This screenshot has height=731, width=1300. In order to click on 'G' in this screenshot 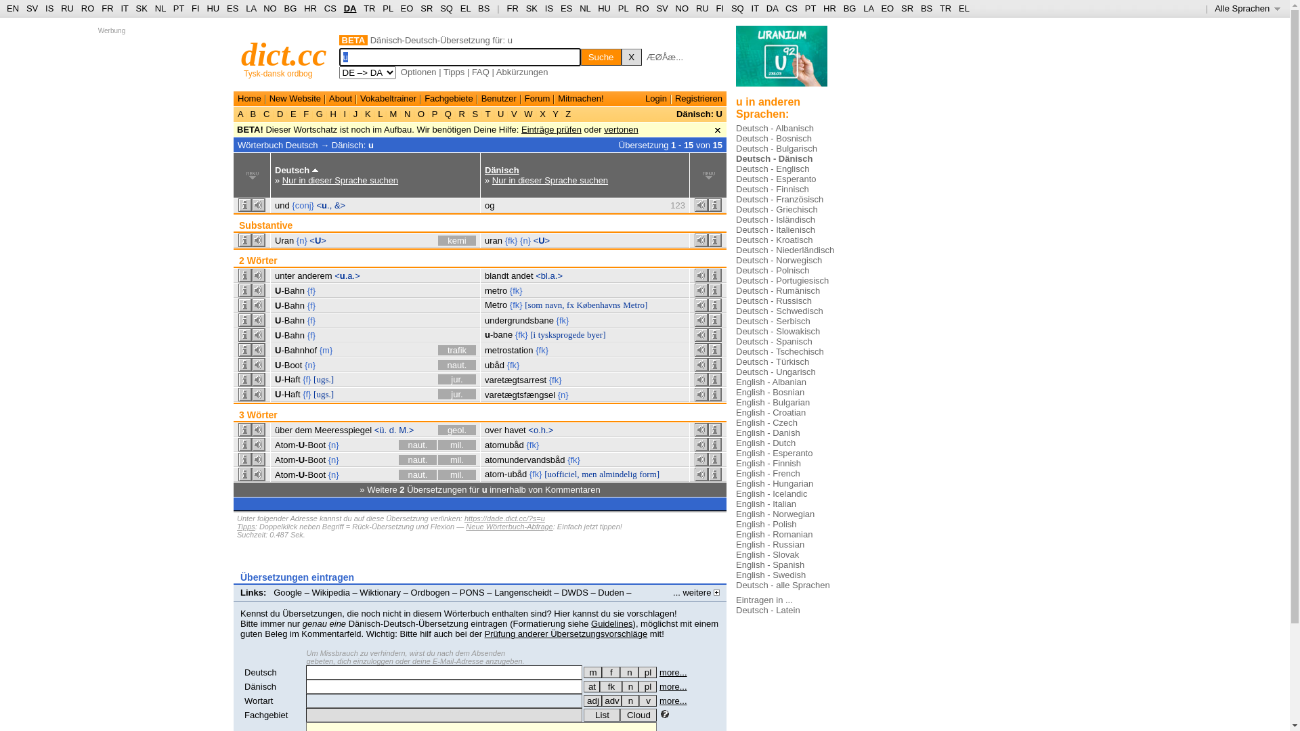, I will do `click(318, 113)`.